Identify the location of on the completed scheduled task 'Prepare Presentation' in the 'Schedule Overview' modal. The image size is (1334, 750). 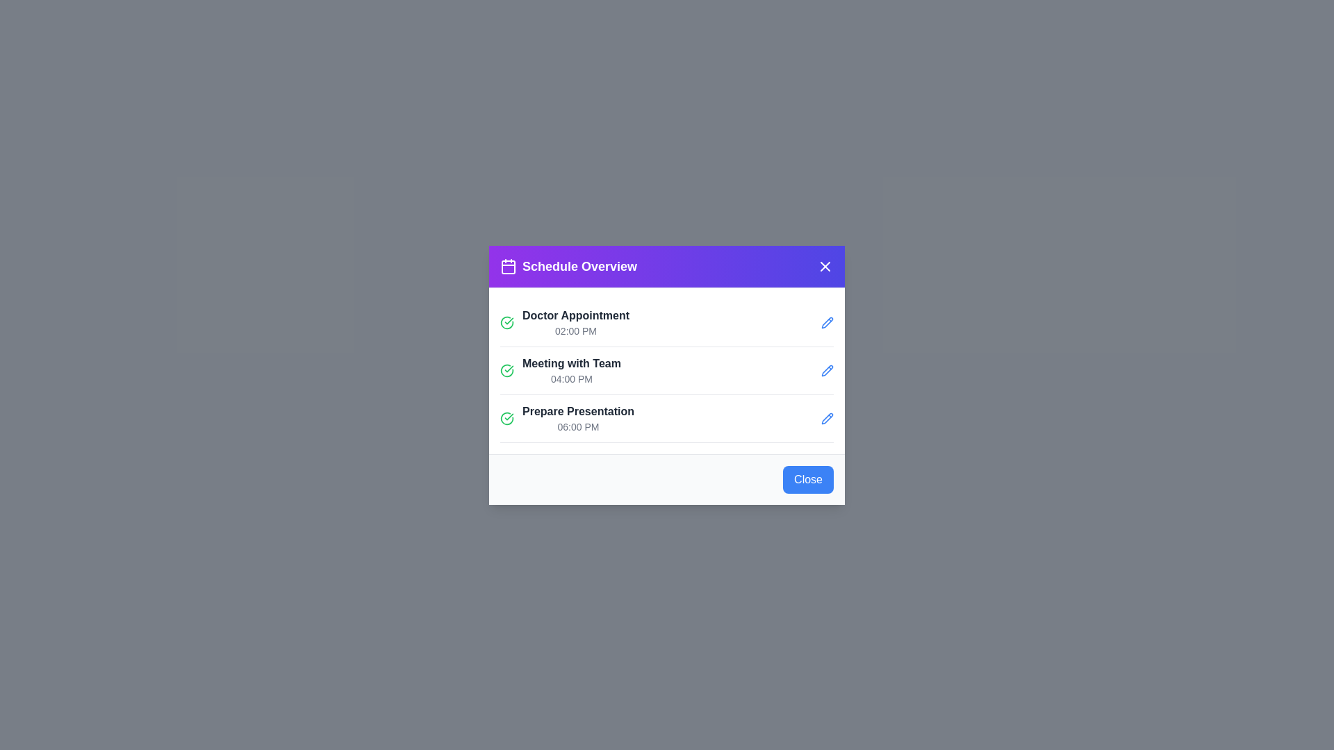
(567, 417).